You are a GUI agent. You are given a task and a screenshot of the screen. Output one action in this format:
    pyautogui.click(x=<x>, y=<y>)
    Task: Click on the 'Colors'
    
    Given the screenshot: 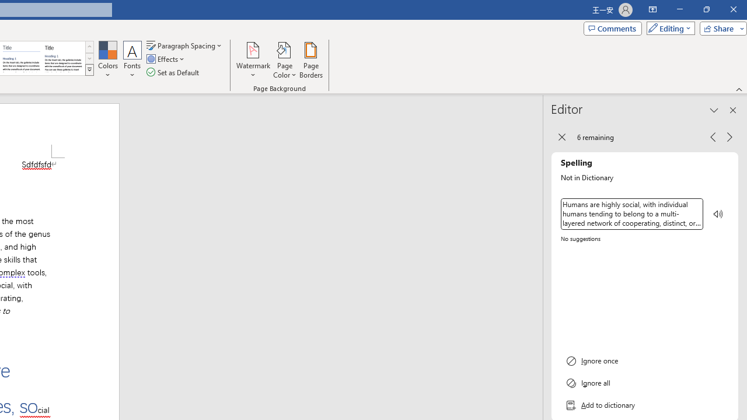 What is the action you would take?
    pyautogui.click(x=107, y=60)
    